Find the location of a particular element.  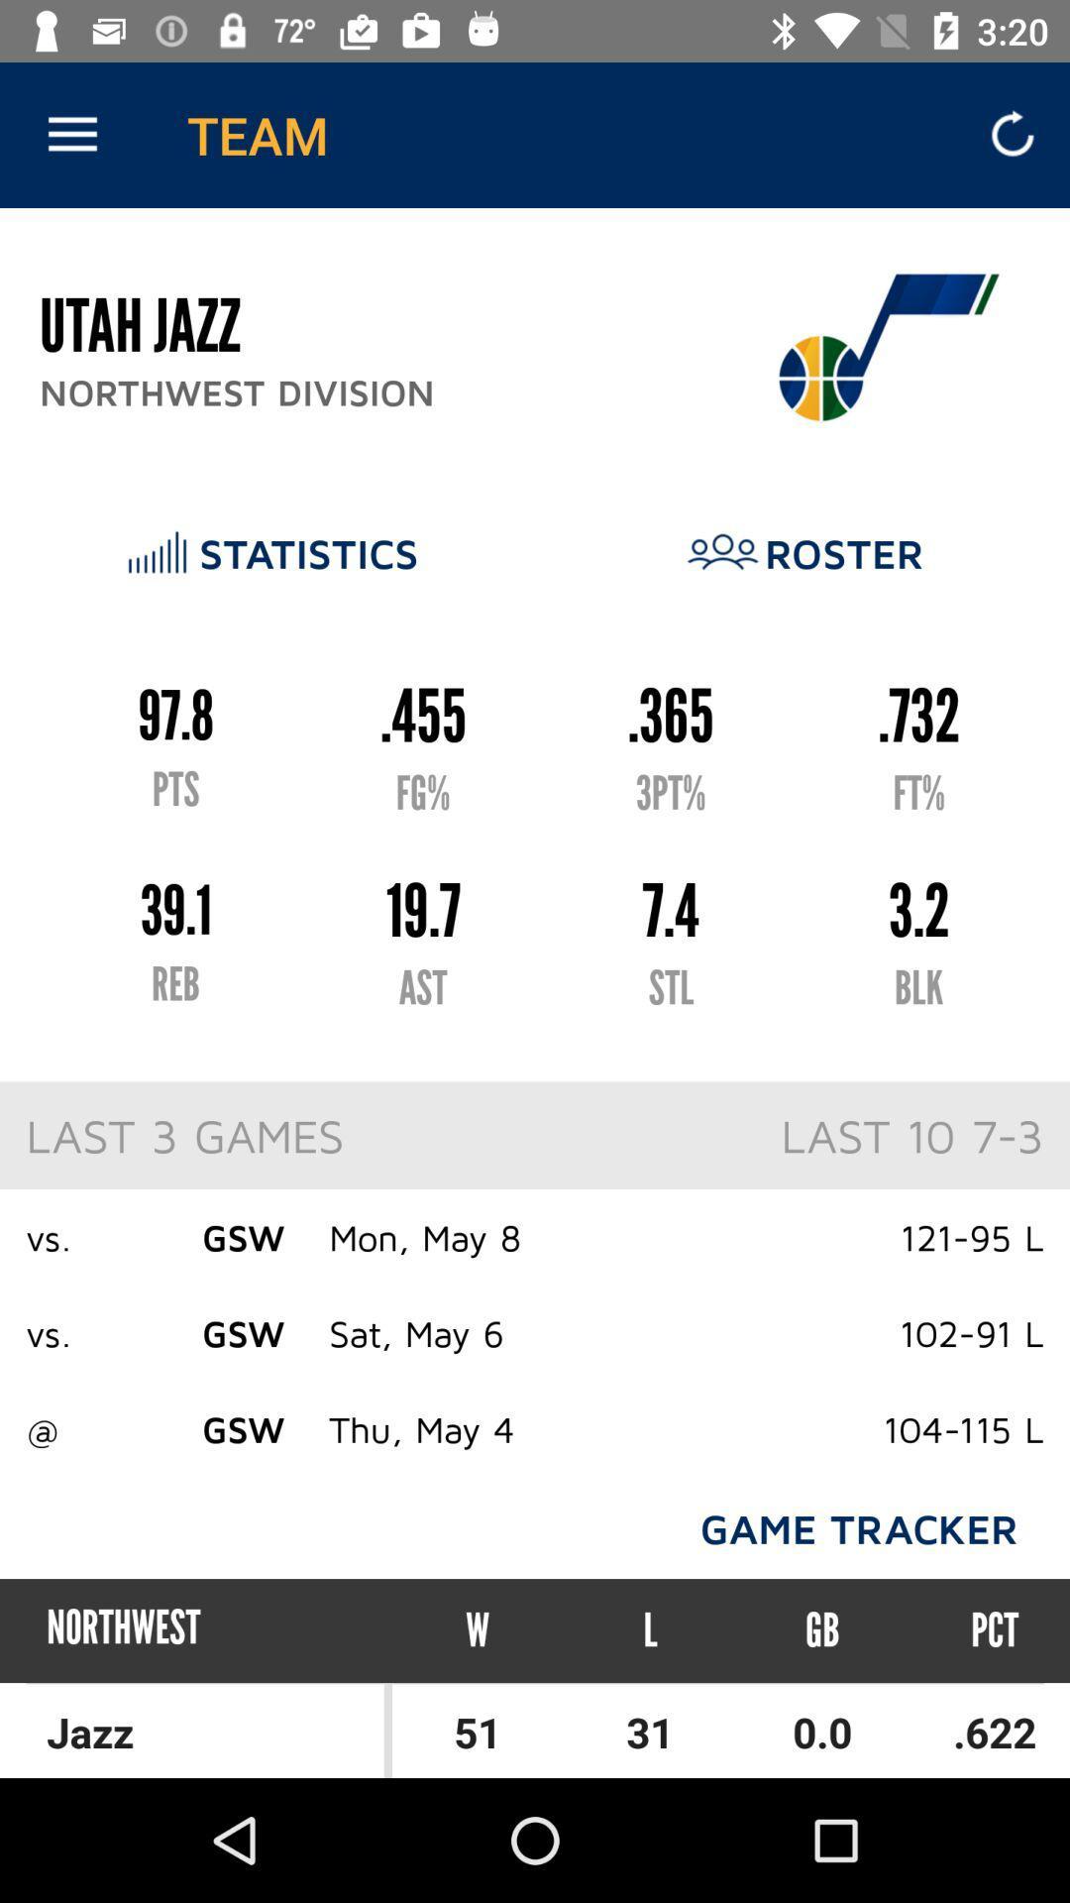

item to the left of team icon is located at coordinates (71, 134).